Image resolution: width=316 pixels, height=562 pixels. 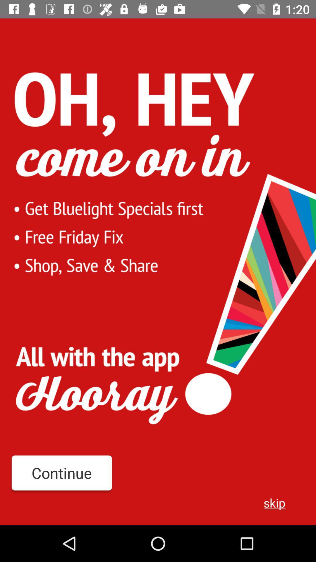 I want to click on the icon to the right of continue, so click(x=274, y=502).